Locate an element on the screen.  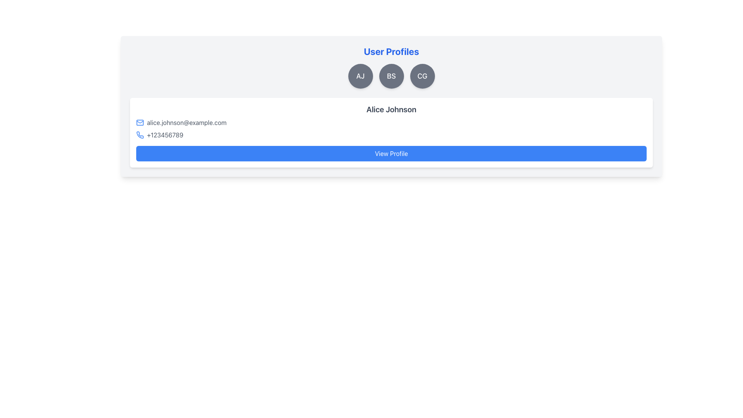
the Text Label that serves as a title for the user profile section, located at the top of the user profile card, above the circular initials (AJ, BS, CG) is located at coordinates (391, 51).